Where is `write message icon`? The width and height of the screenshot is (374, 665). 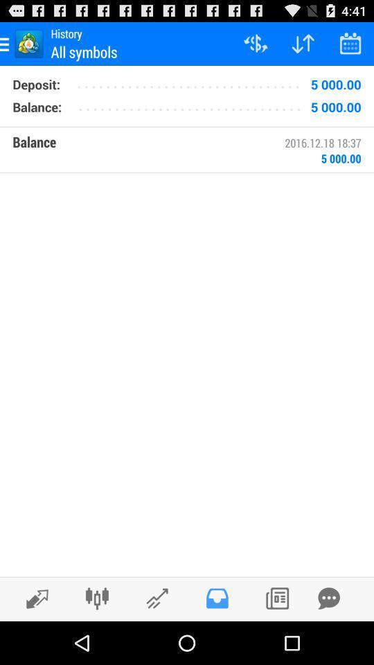 write message icon is located at coordinates (328, 598).